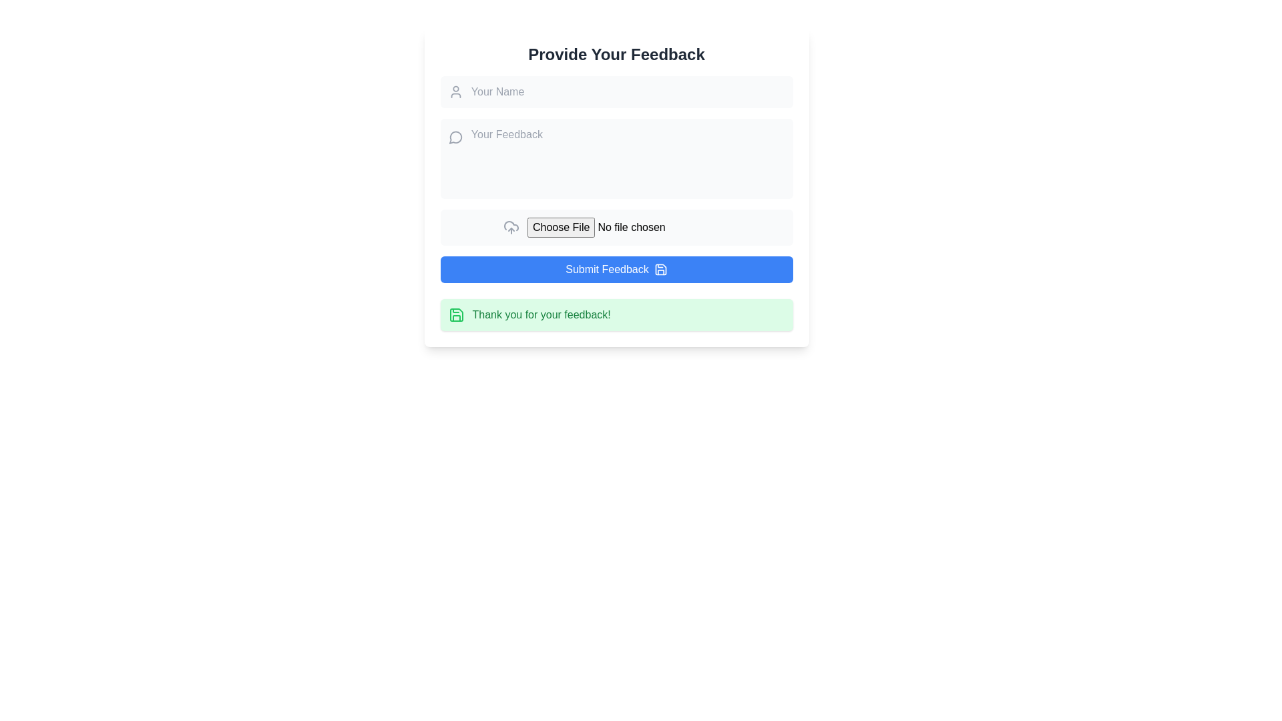  Describe the element at coordinates (456, 314) in the screenshot. I see `the icon that visually accompanies the confirmation message 'Thank you for your feedback!' located in the banner-style area below the feedback form input fields` at that location.